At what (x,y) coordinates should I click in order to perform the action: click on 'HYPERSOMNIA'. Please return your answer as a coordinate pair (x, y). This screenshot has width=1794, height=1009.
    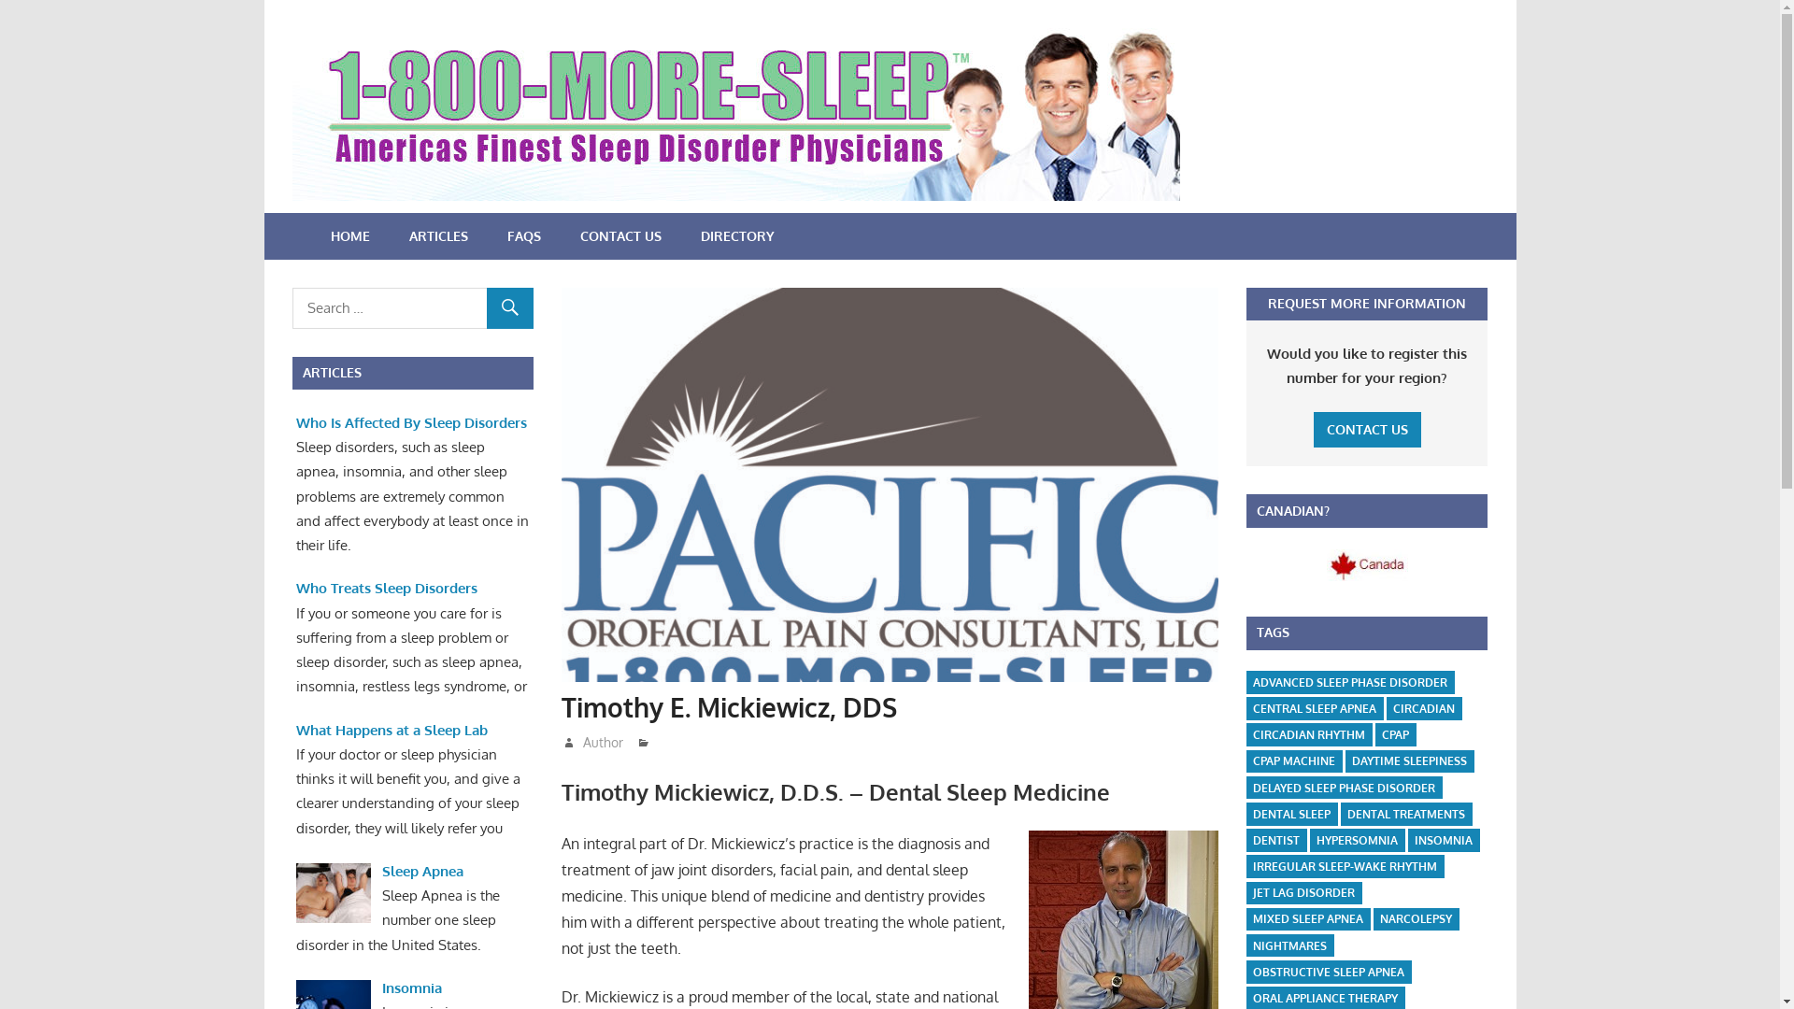
    Looking at the image, I should click on (1308, 839).